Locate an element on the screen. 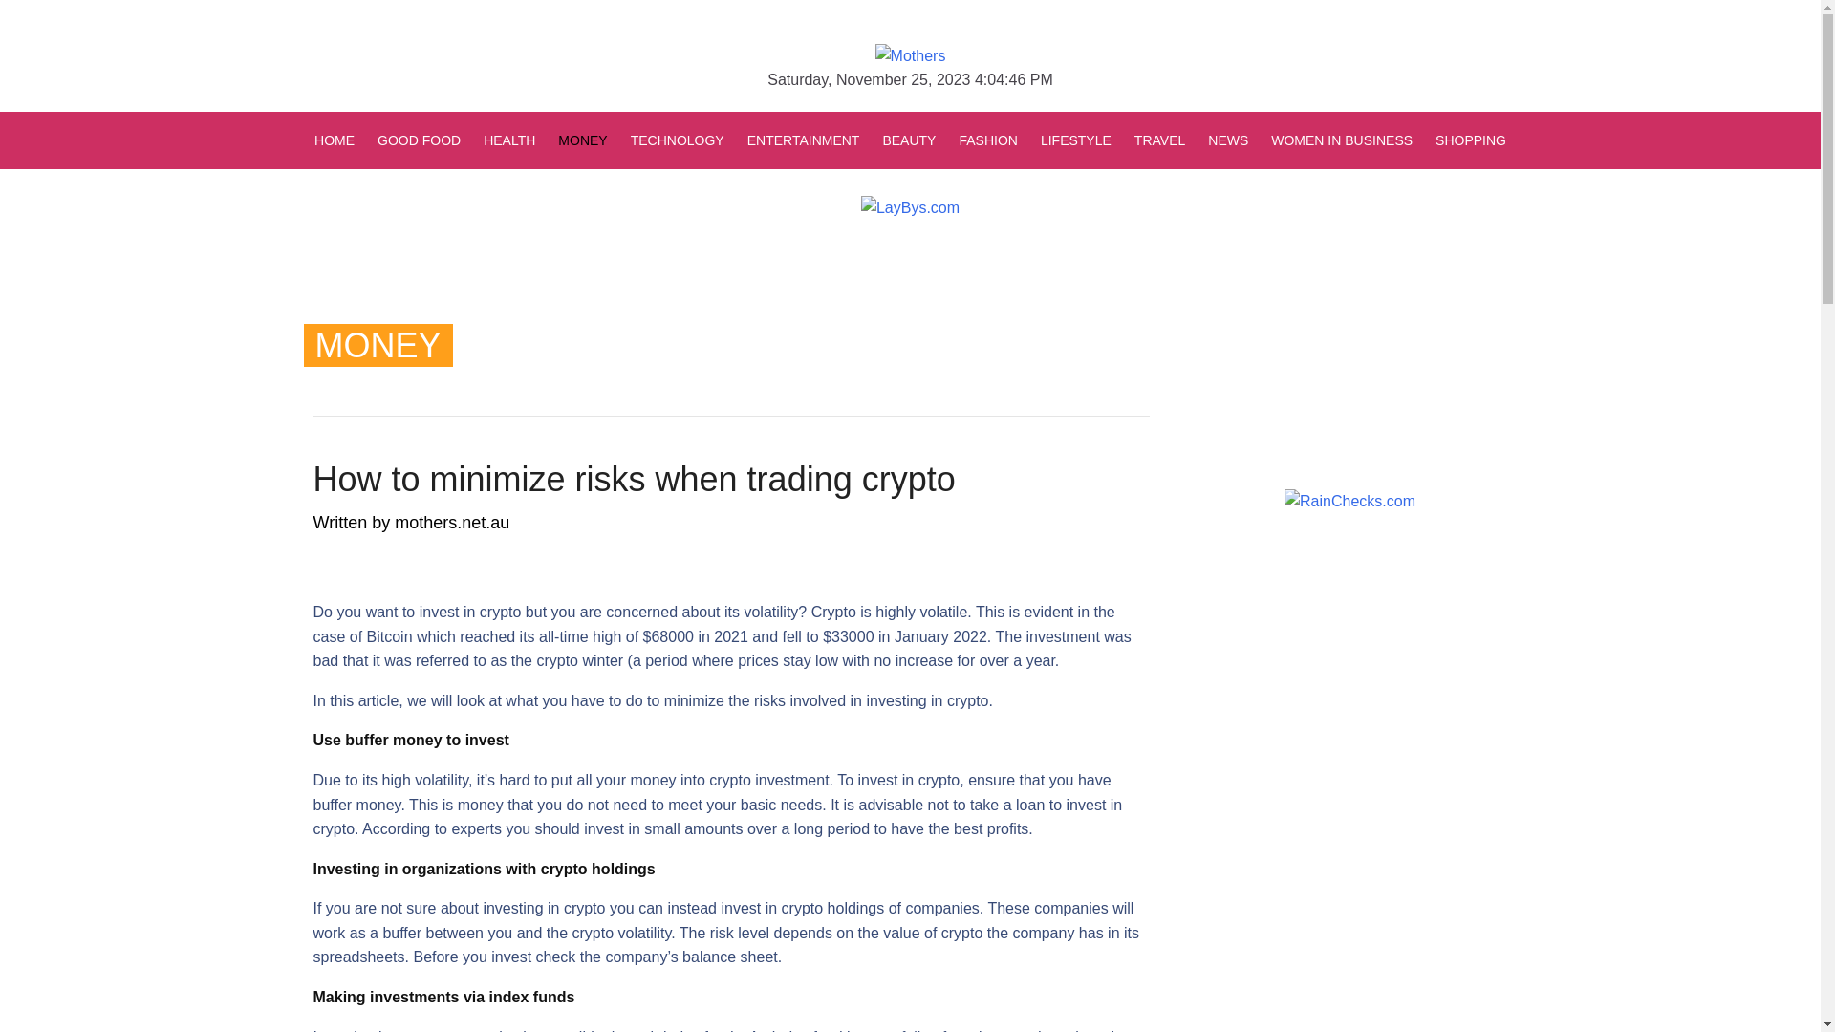  'ENTERTAINMENT' is located at coordinates (734, 139).